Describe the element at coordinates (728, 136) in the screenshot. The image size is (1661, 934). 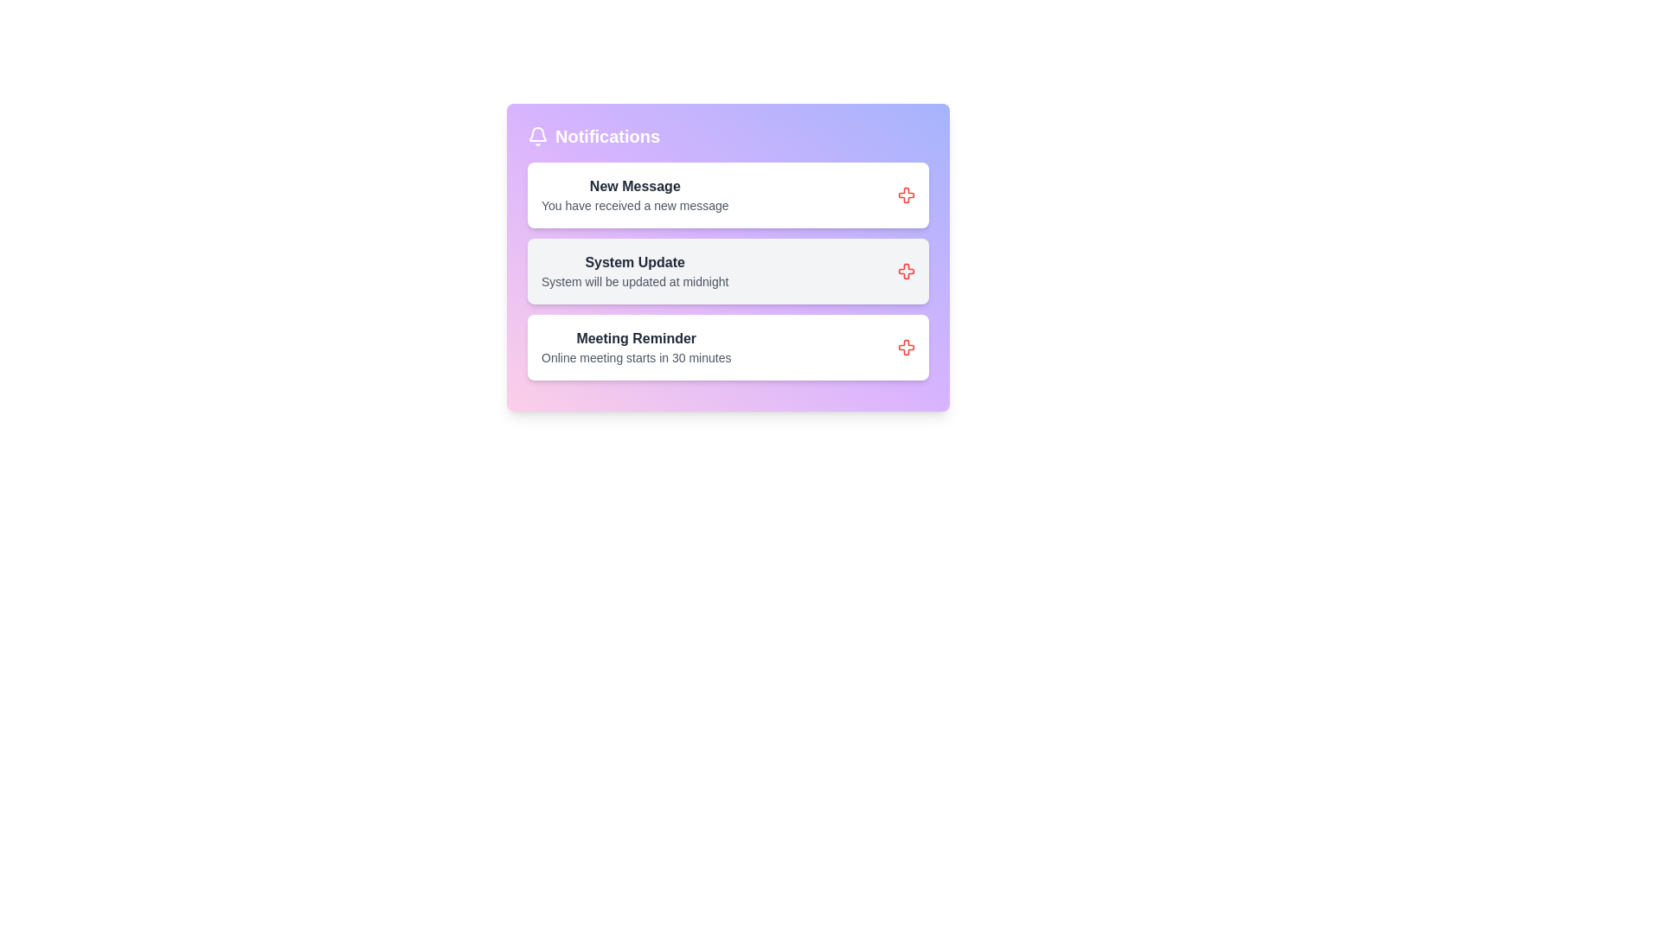
I see `the header section of the notification panel` at that location.